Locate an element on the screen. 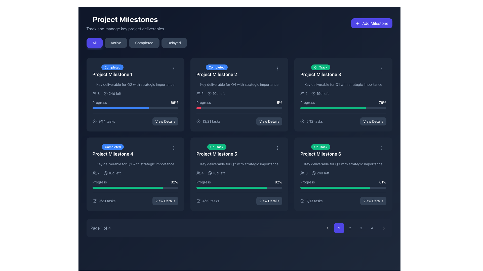 The height and width of the screenshot is (271, 483). the text label reading 'Track and manage key project deliverables', which is styled in slate-gray color and positioned beneath the title 'Project Milestones' is located at coordinates (125, 29).